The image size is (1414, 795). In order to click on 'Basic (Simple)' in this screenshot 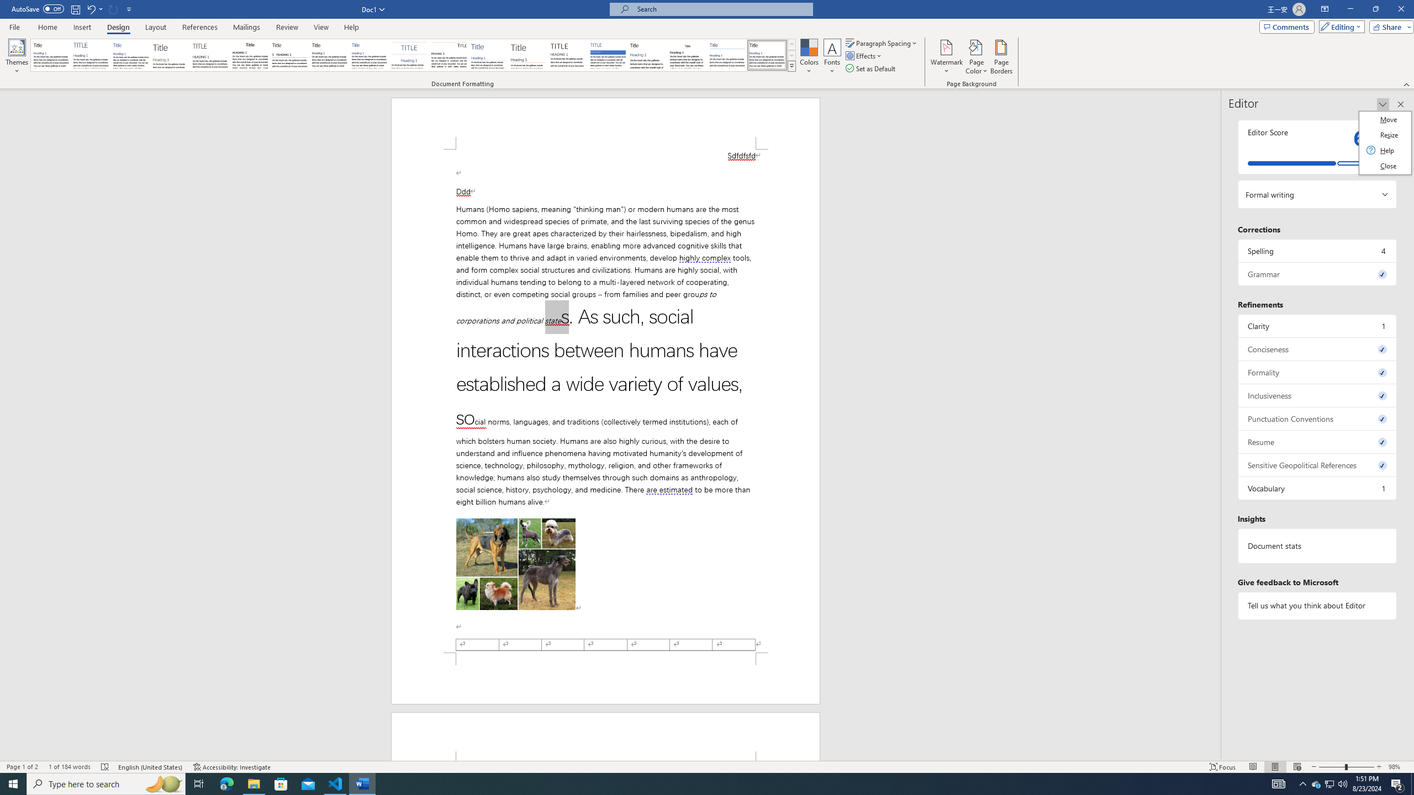, I will do `click(131, 55)`.